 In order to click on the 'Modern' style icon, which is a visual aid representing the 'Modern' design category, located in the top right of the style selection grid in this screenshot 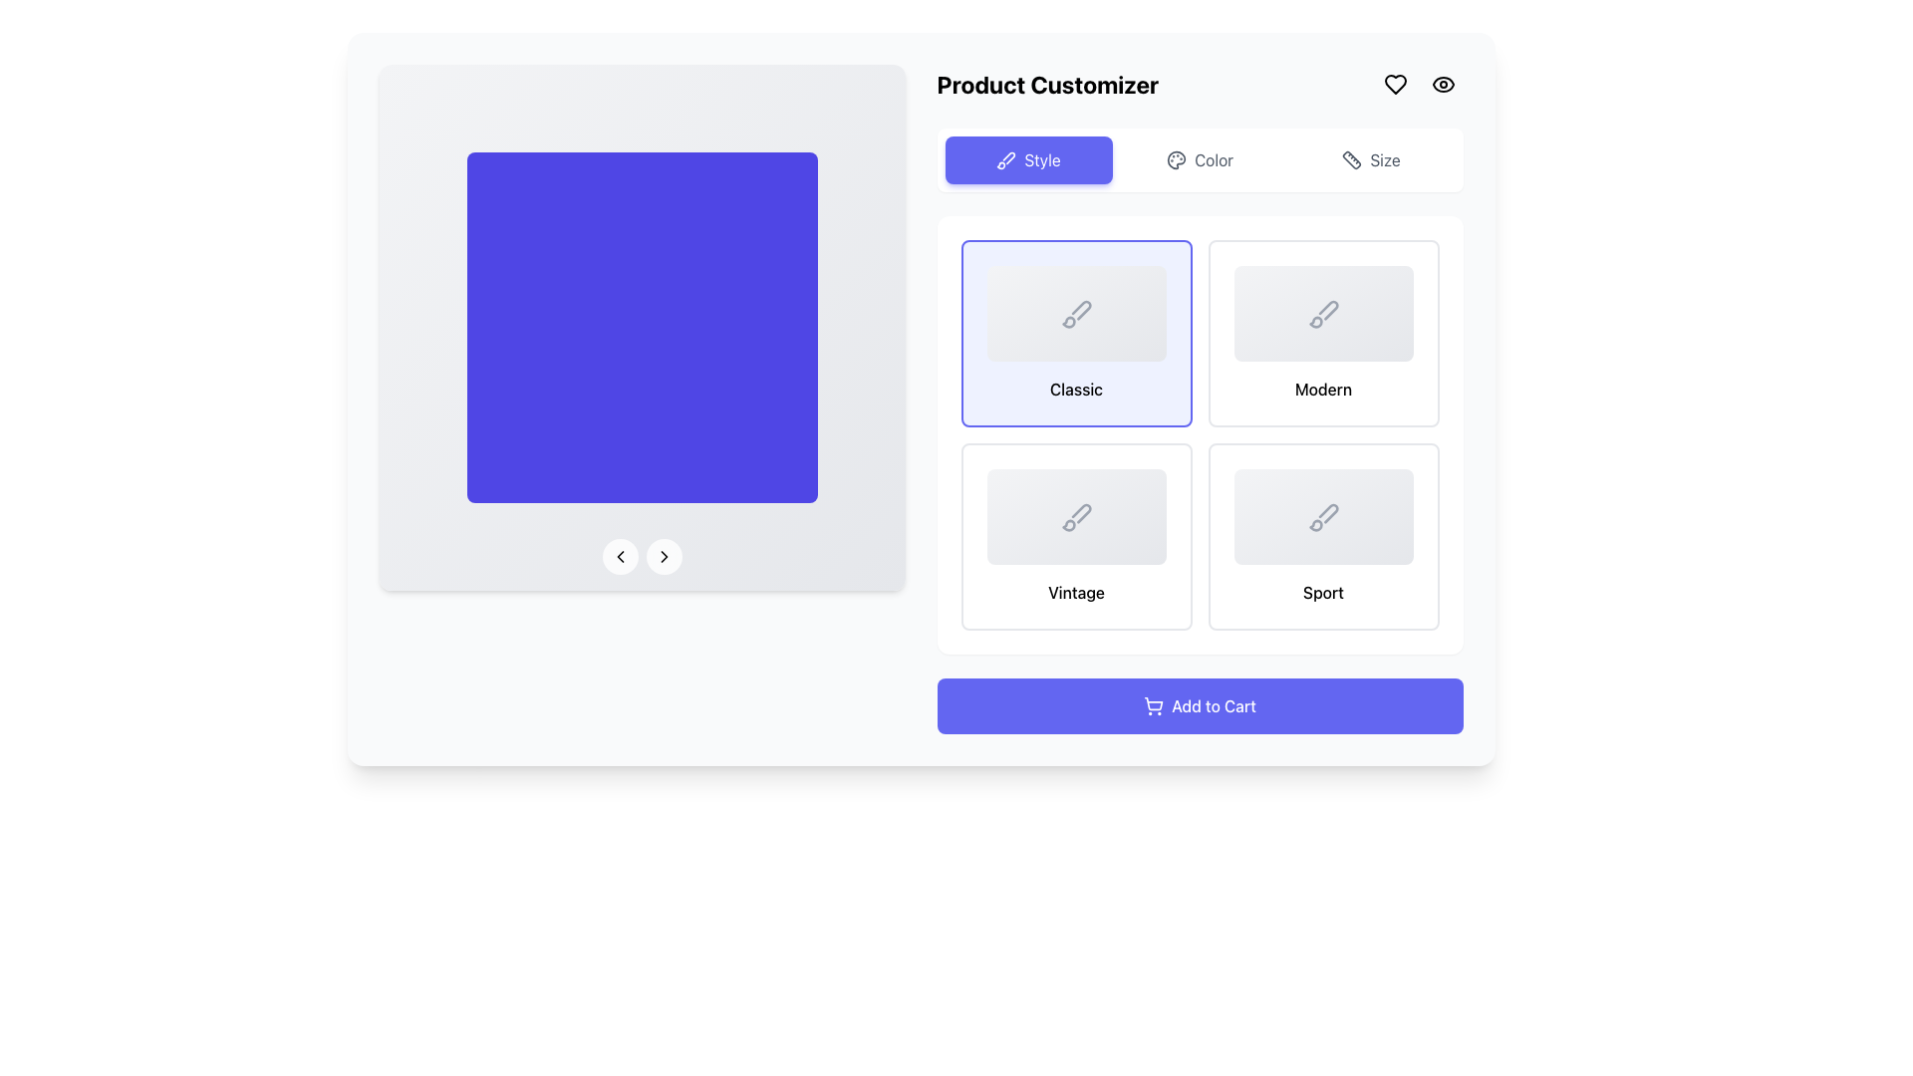, I will do `click(1323, 314)`.